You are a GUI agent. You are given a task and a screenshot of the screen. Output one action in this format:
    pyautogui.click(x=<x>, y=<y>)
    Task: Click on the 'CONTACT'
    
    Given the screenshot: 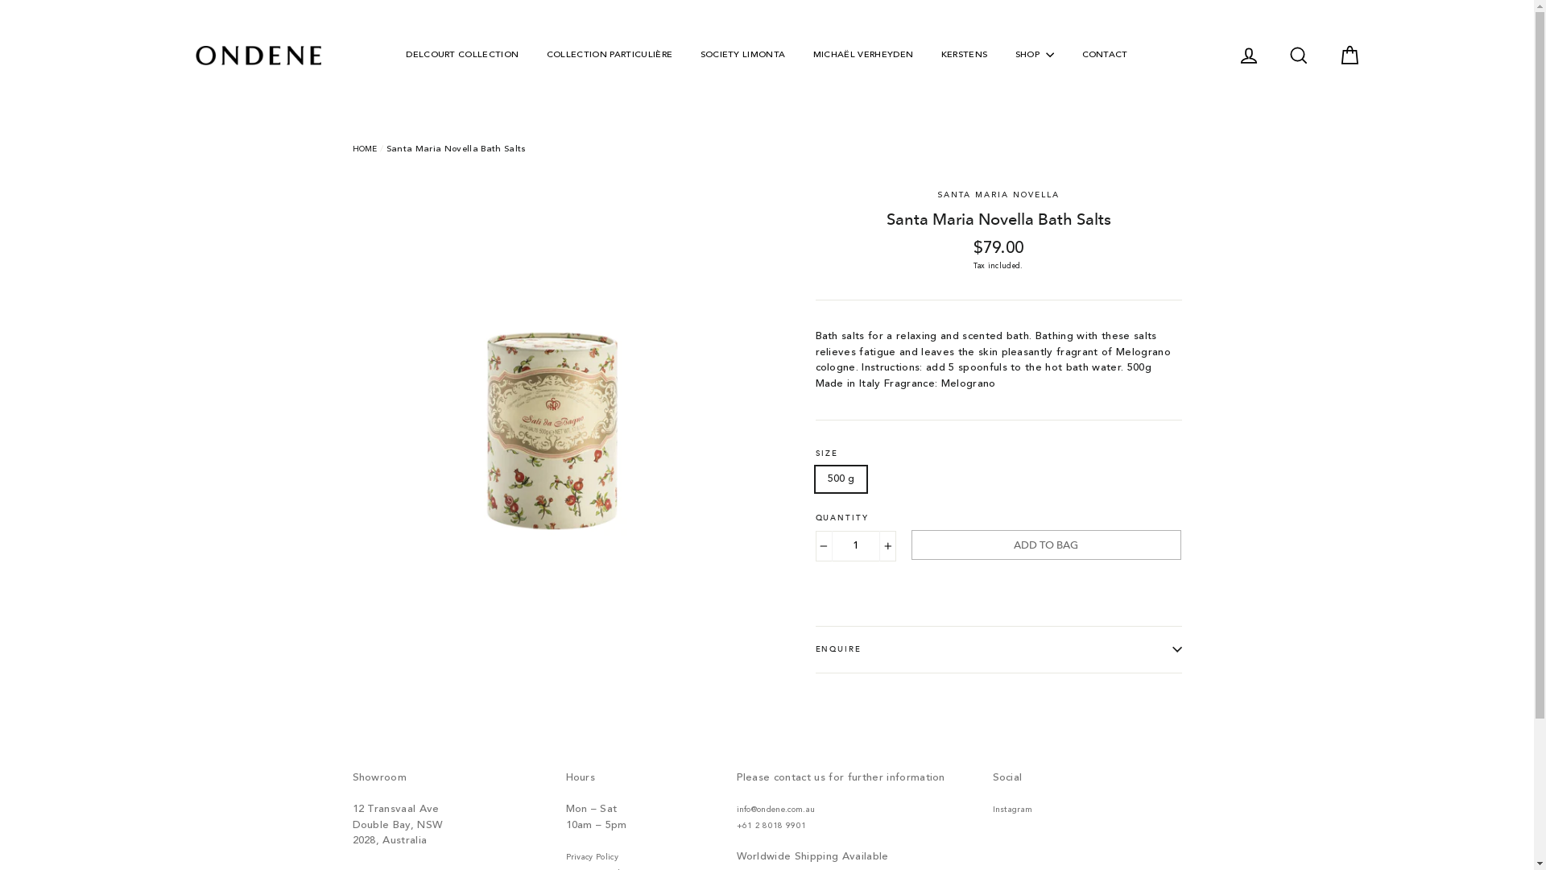 What is the action you would take?
    pyautogui.click(x=1103, y=55)
    